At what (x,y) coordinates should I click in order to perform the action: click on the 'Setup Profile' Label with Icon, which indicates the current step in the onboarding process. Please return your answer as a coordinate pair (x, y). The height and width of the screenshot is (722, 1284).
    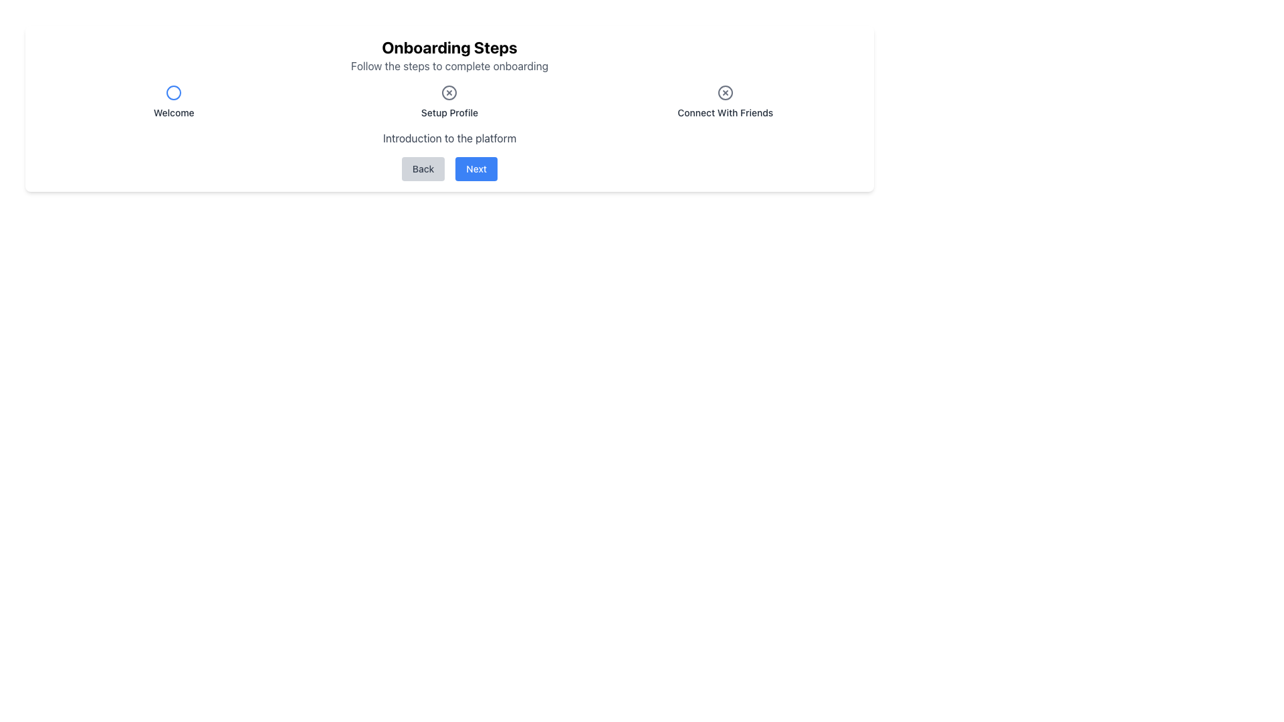
    Looking at the image, I should click on (449, 102).